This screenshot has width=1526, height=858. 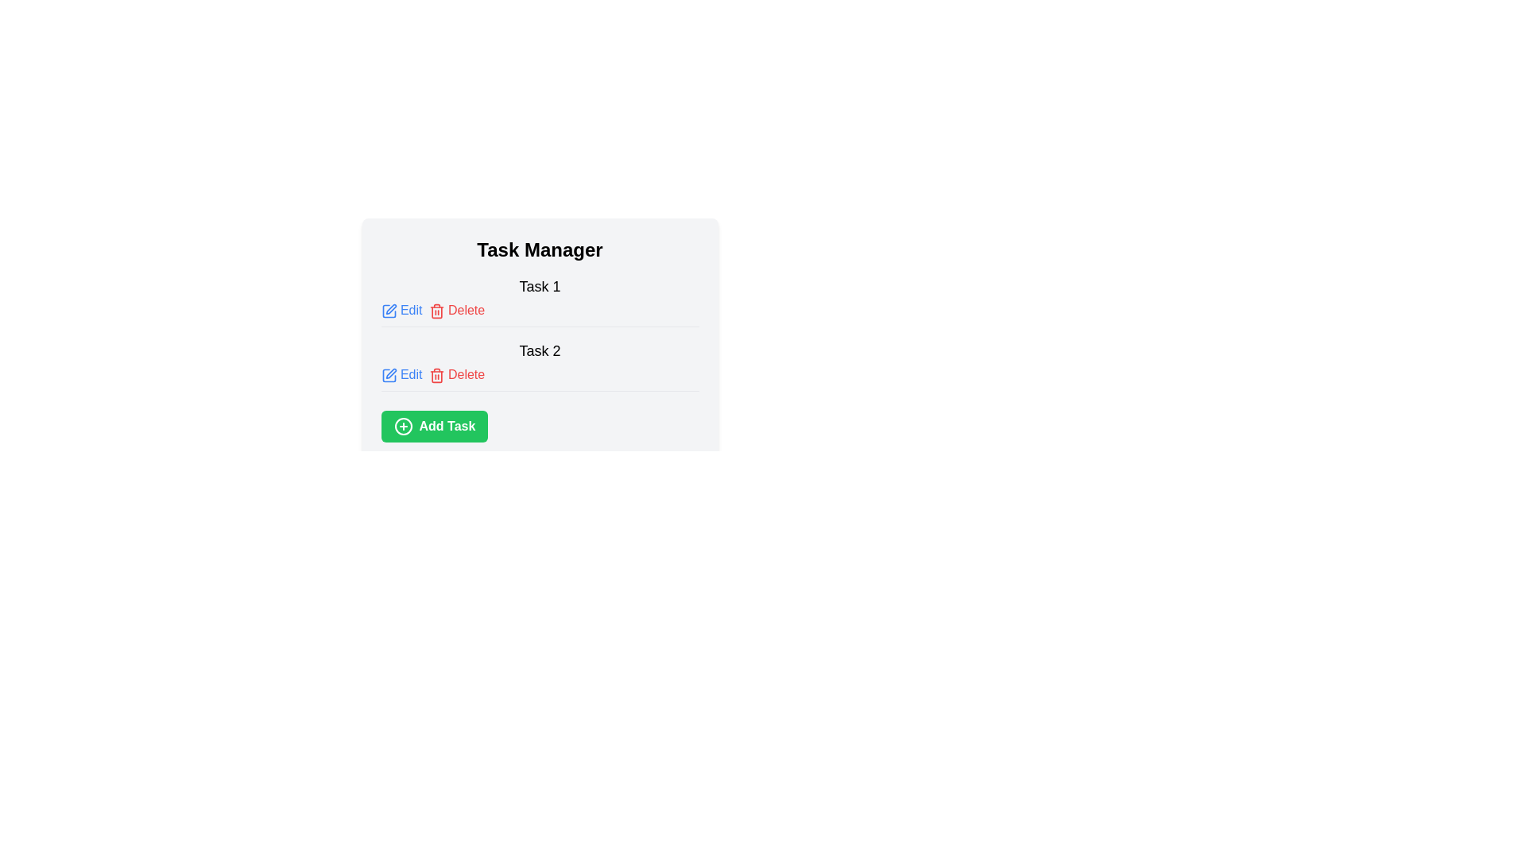 What do you see at coordinates (389, 311) in the screenshot?
I see `the blue pencil icon located to the left of the 'Edit' text label for 'Task 1' to provide visual feedback` at bounding box center [389, 311].